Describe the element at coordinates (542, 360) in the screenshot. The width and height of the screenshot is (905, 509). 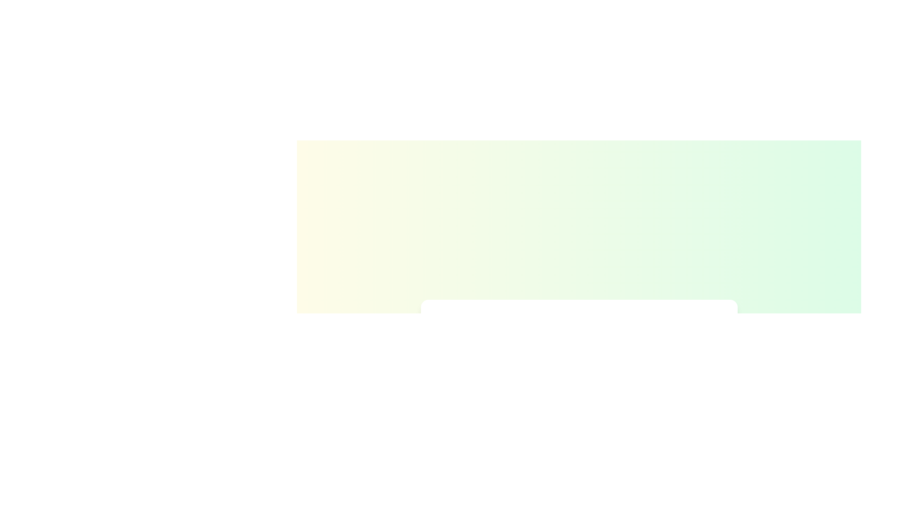
I see `the Progress Indicator that visually represents the filled portion of the slider, which spans from the left end to the 75% mark of the slider's width` at that location.